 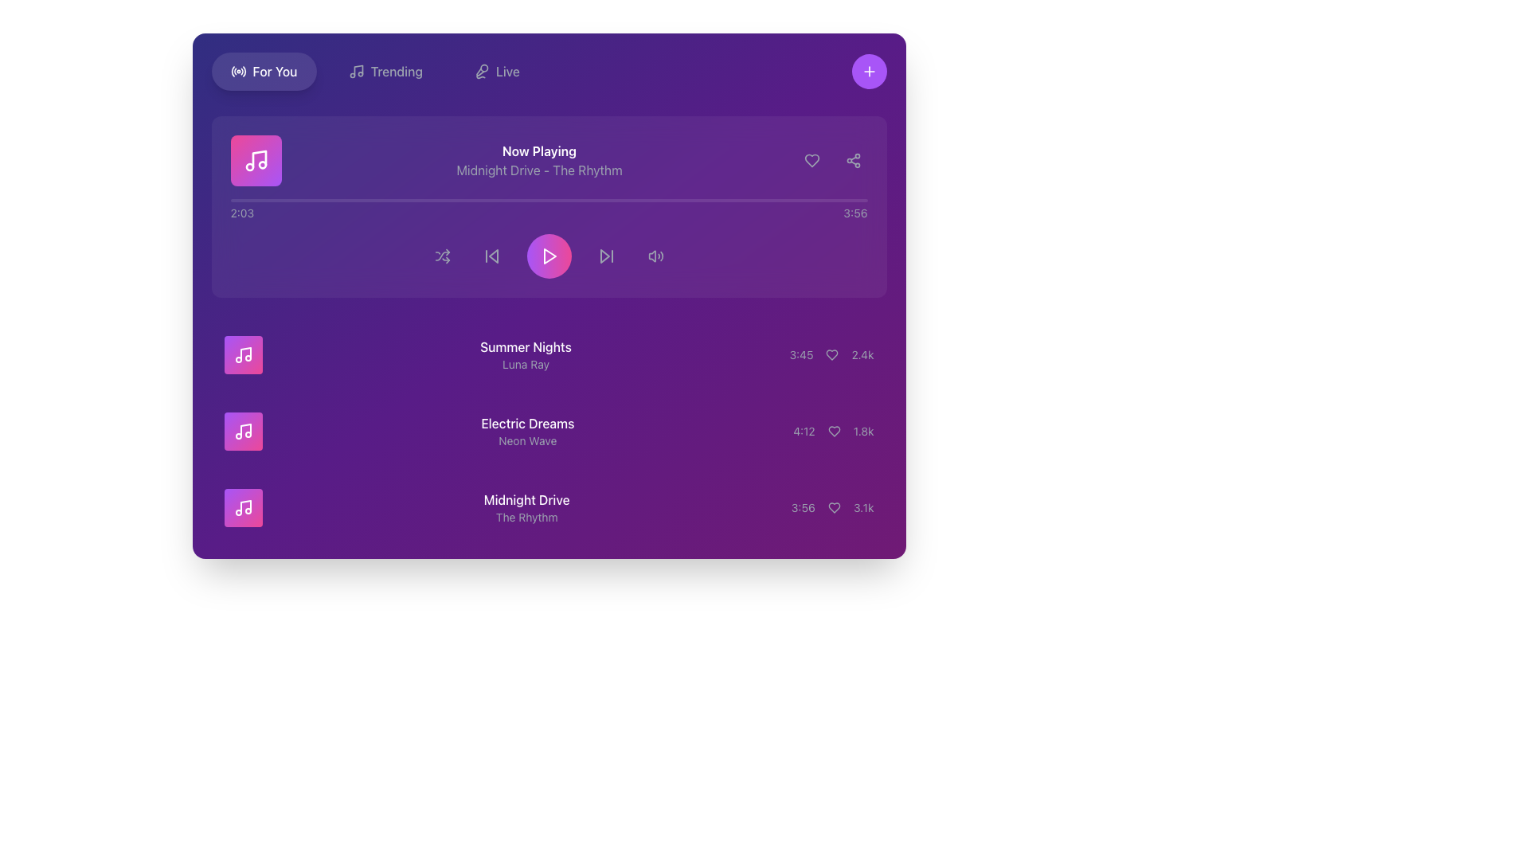 What do you see at coordinates (491, 255) in the screenshot?
I see `the skip-backward button, which is styled as an icon with a left-pointing arrow followed by a vertical line, to skip to the previous track` at bounding box center [491, 255].